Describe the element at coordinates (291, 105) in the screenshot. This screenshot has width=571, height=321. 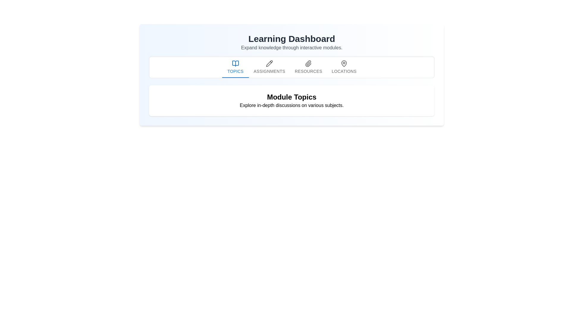
I see `the text label that elaborates on the subject of the section labeled 'Module Topics', positioned below the primary navigation tabs` at that location.